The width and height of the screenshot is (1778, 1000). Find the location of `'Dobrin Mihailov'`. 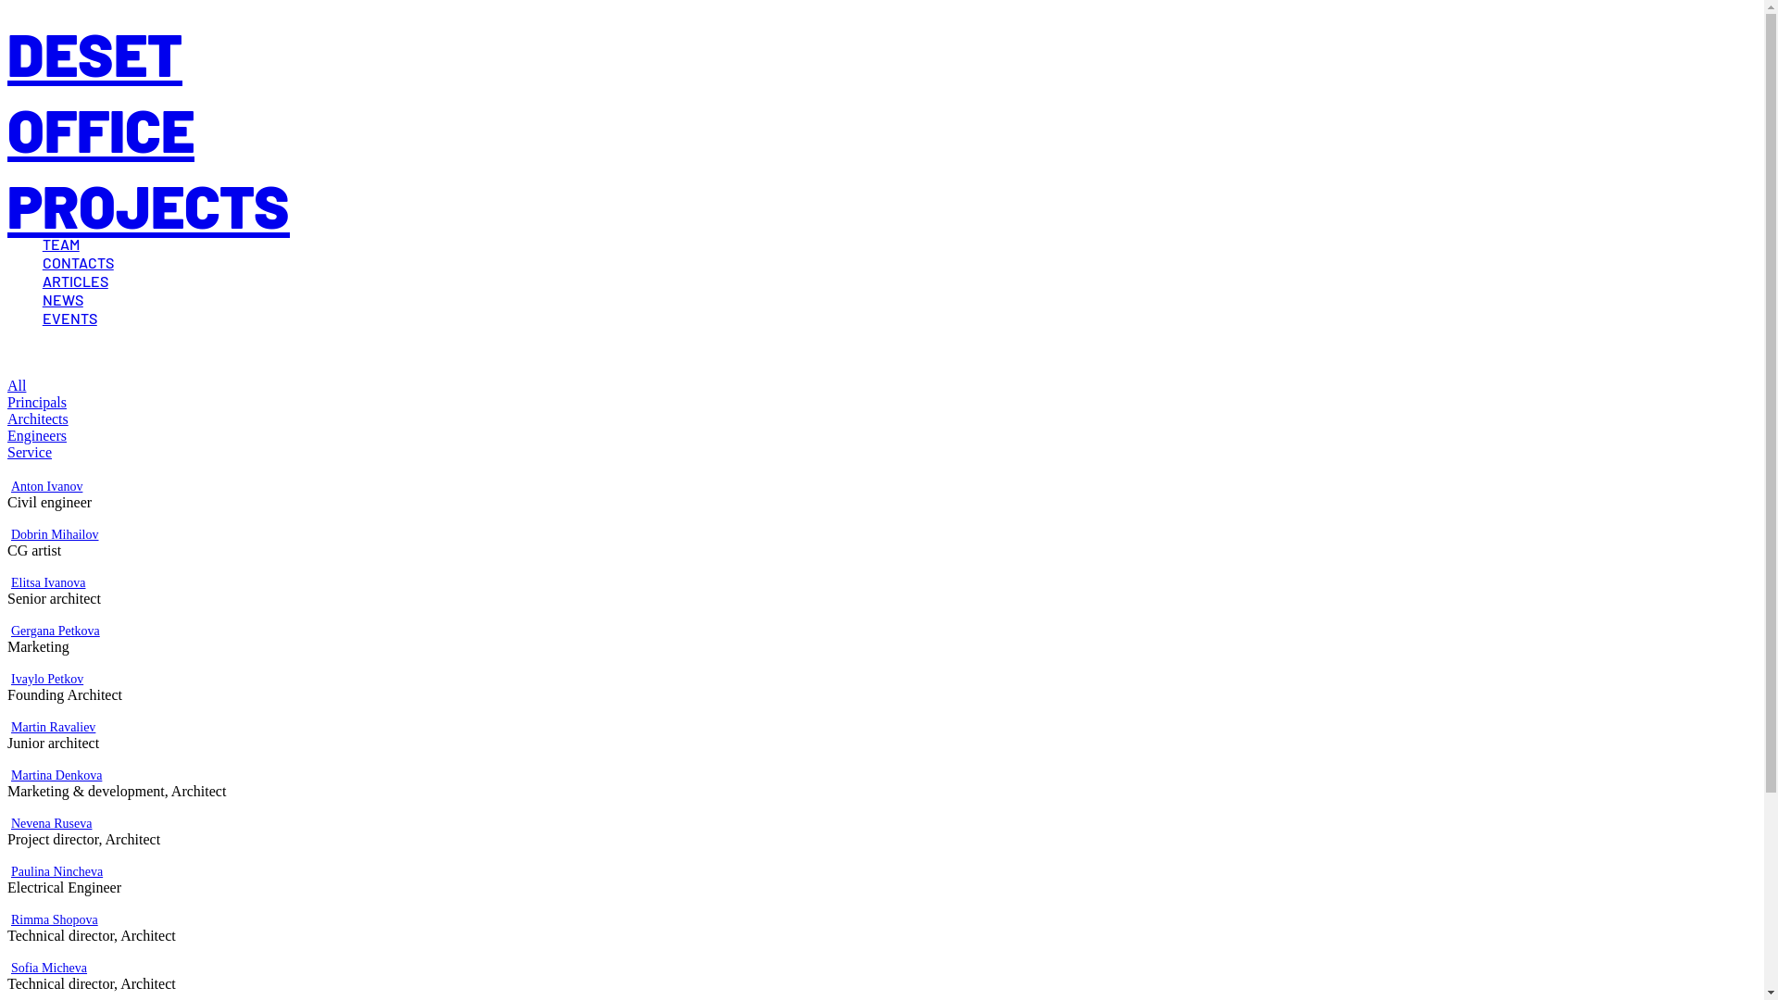

'Dobrin Mihailov' is located at coordinates (55, 534).